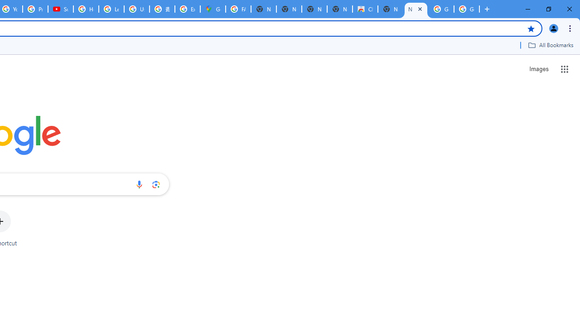 The image size is (580, 326). What do you see at coordinates (60, 9) in the screenshot?
I see `'Subscriptions - YouTube'` at bounding box center [60, 9].